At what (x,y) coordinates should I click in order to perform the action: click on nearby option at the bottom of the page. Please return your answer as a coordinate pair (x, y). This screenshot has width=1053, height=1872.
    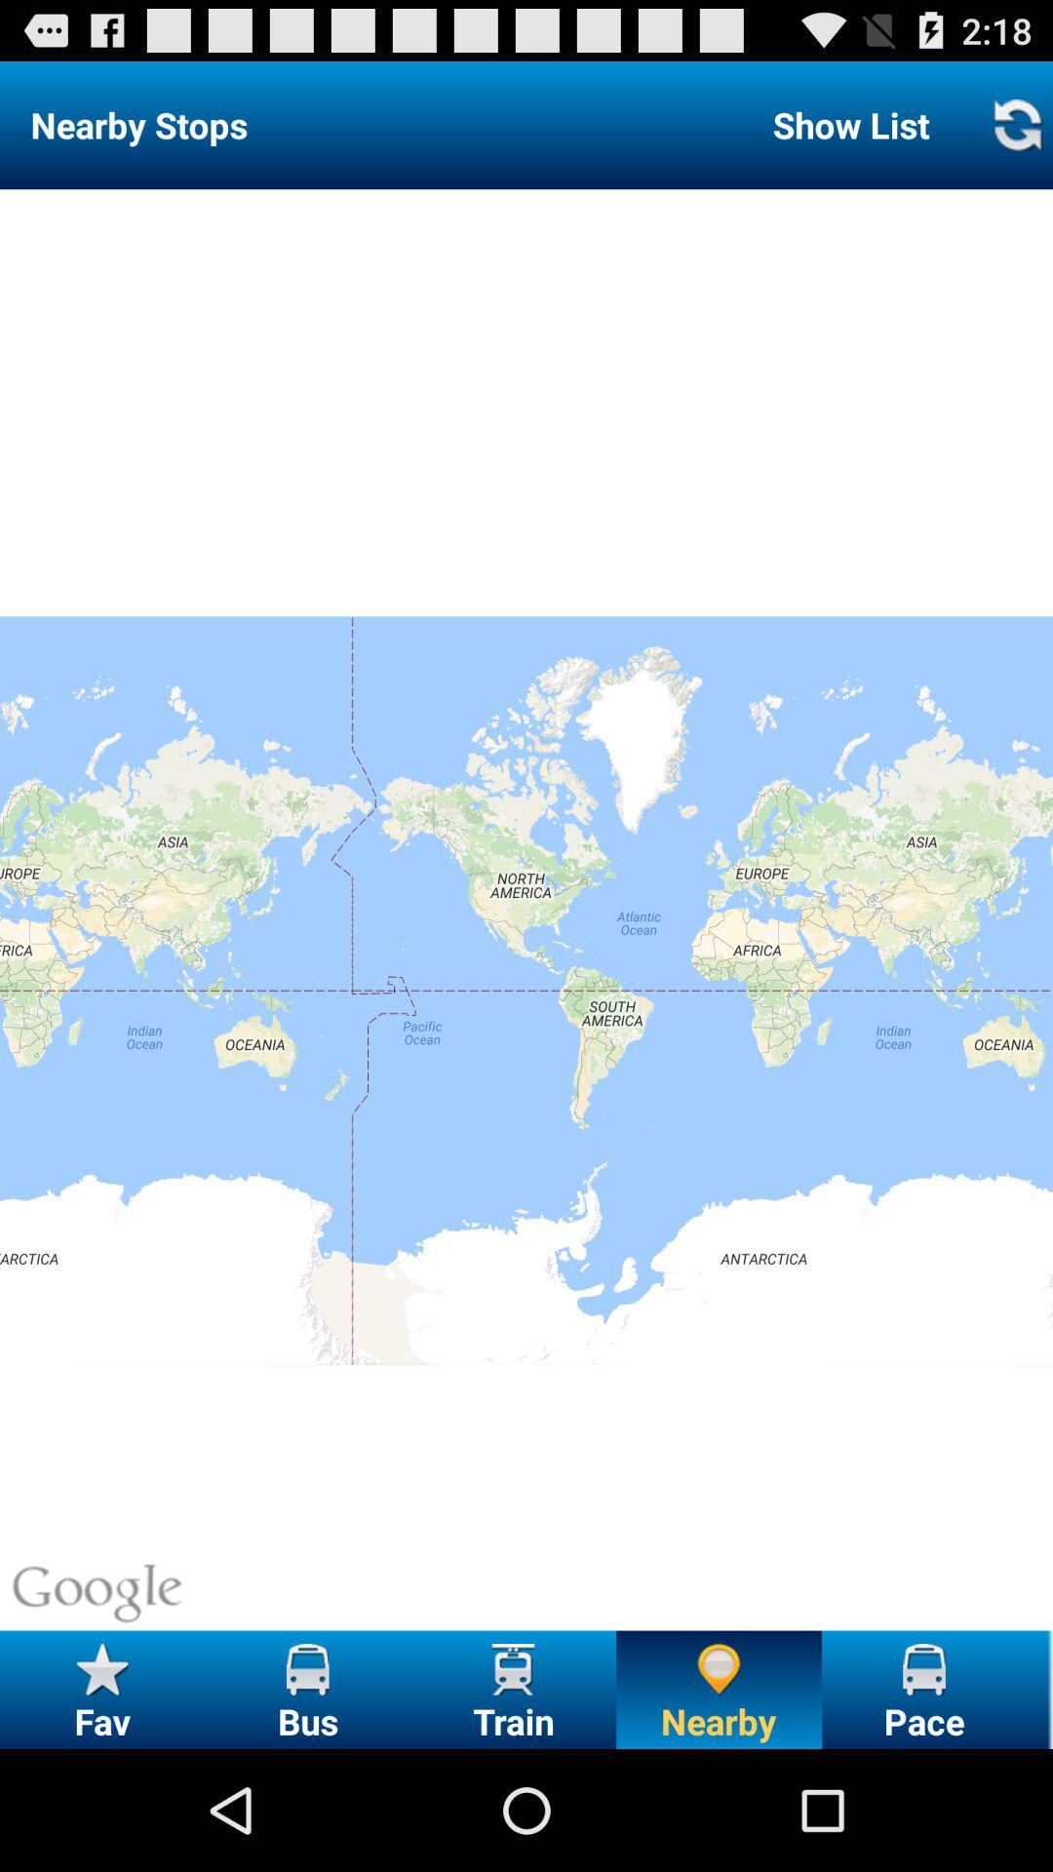
    Looking at the image, I should click on (719, 1689).